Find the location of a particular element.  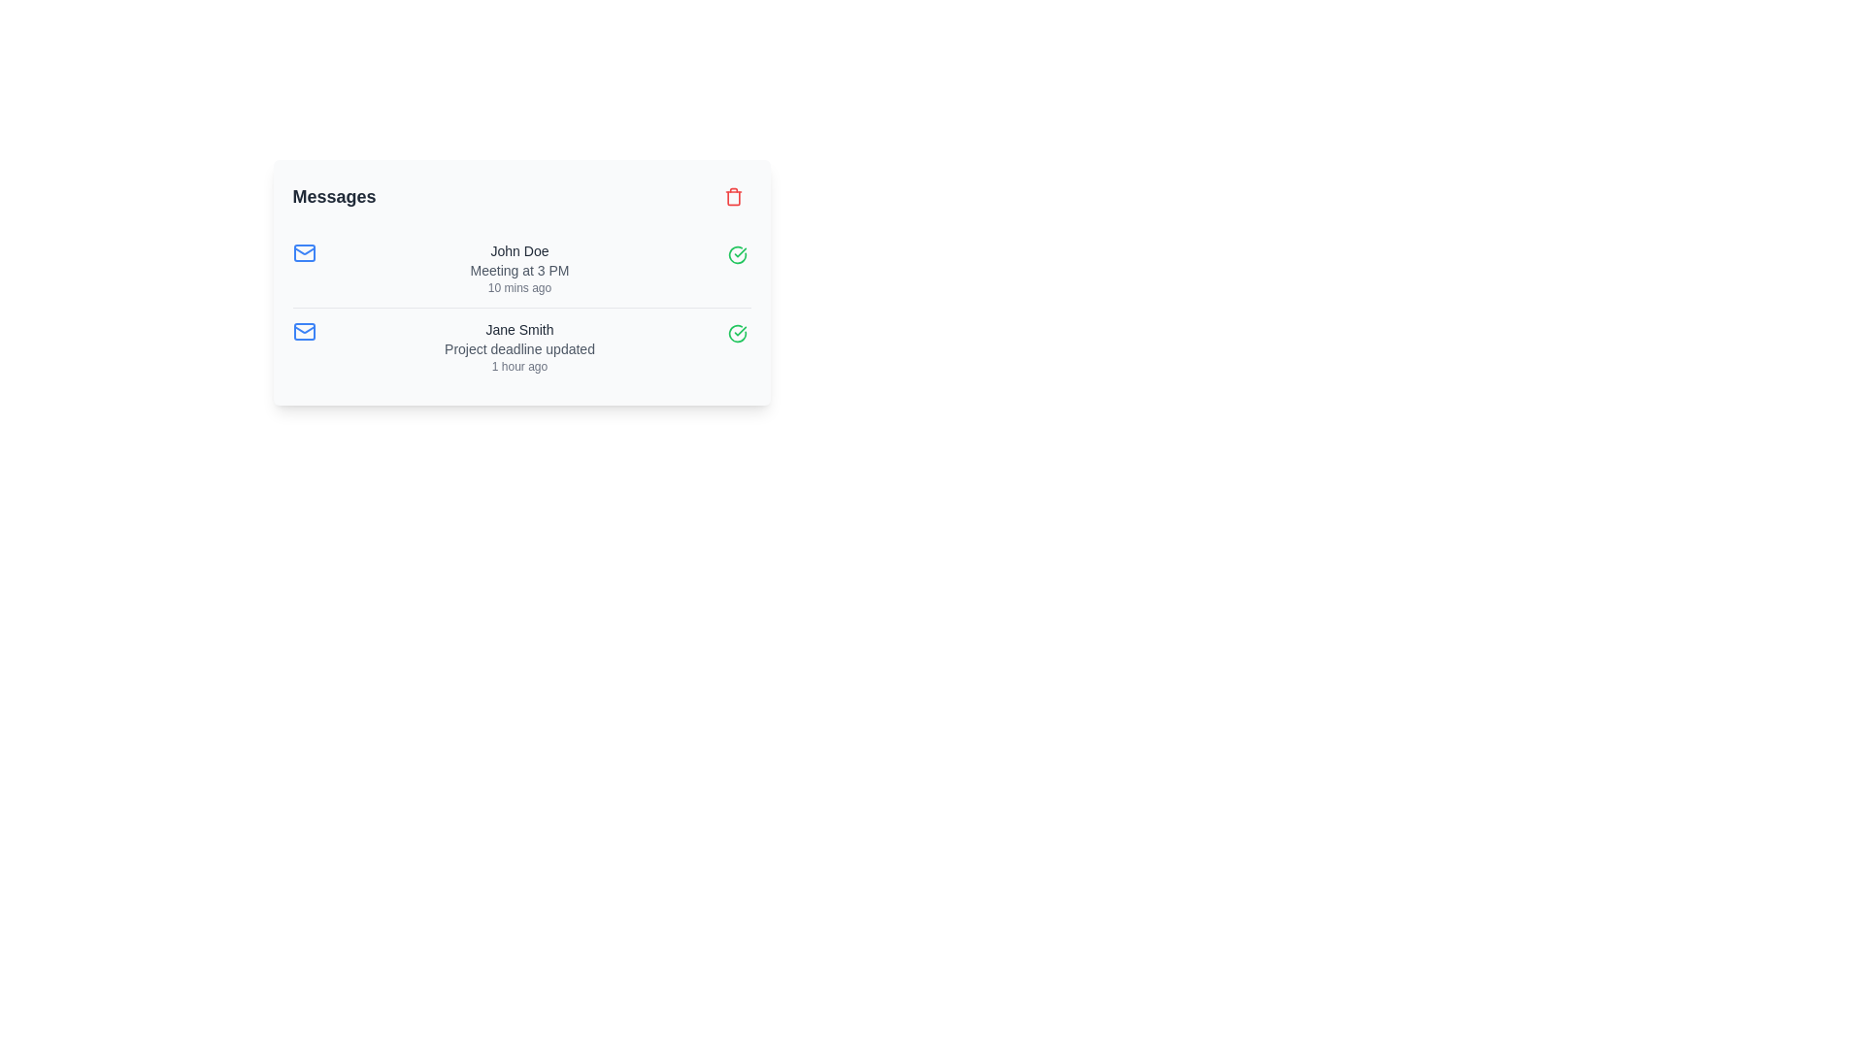

the text label that indicates the relative time of the associated message, positioned below 'Meeting at 3 PM' and above the next message entry is located at coordinates (519, 288).